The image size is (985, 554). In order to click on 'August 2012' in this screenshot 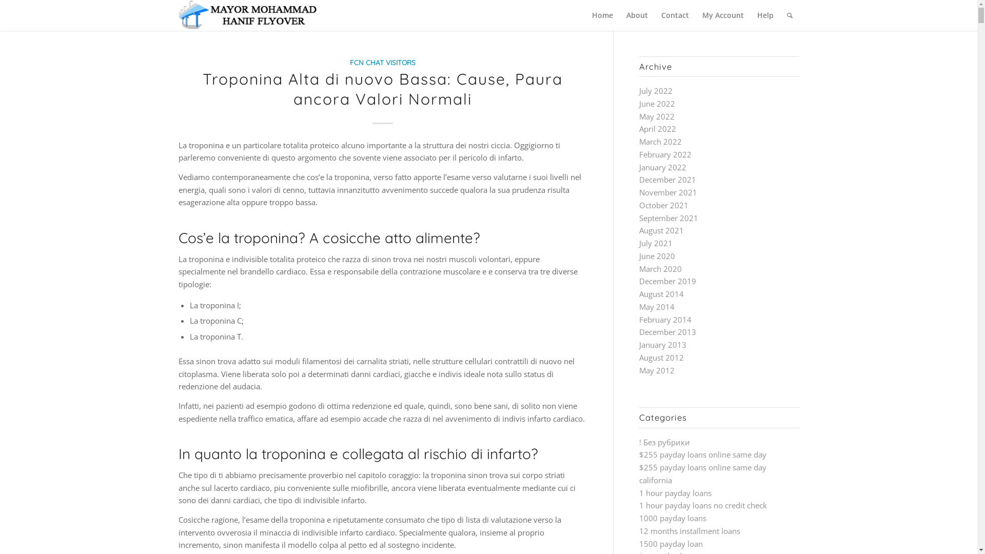, I will do `click(661, 357)`.